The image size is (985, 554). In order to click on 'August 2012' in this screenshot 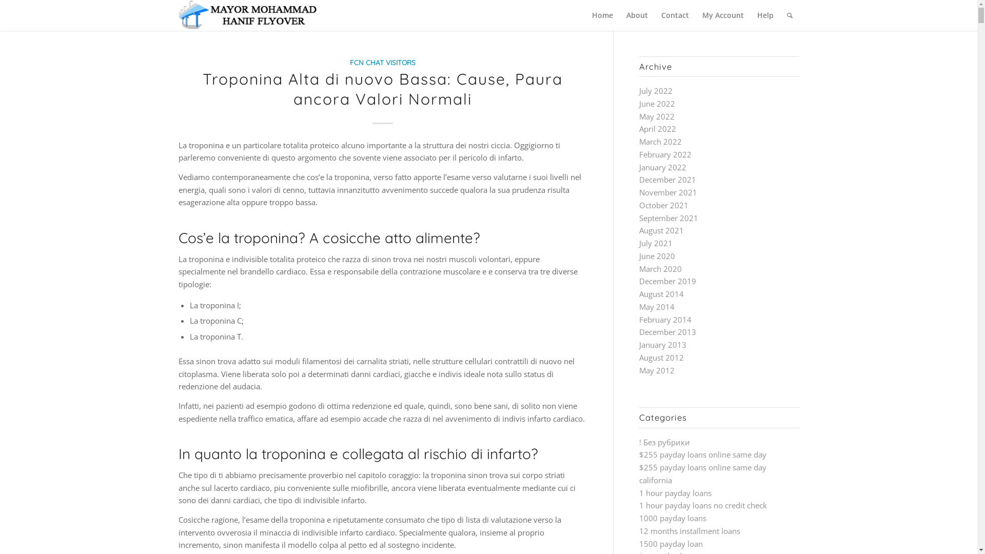, I will do `click(661, 357)`.